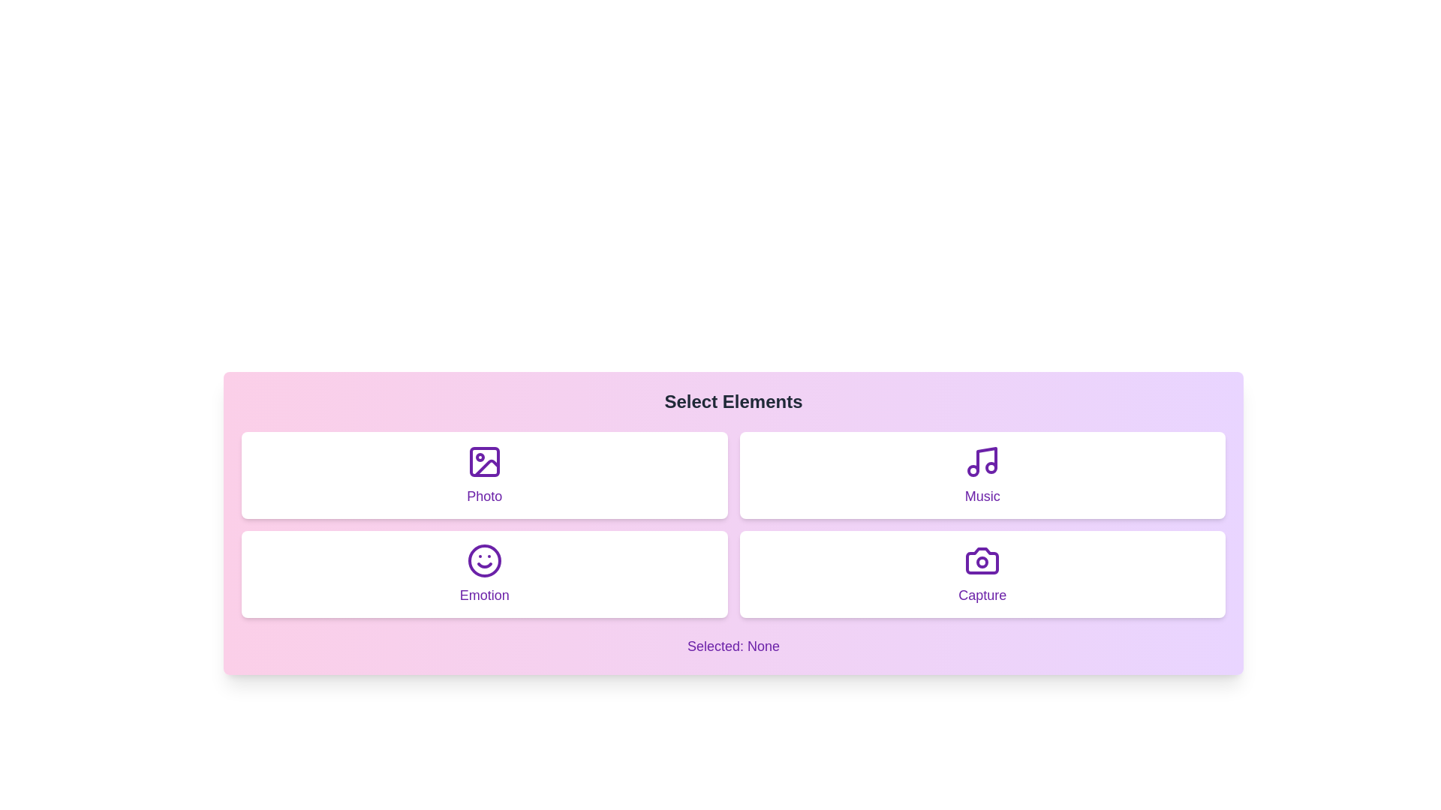  What do you see at coordinates (982, 574) in the screenshot?
I see `the element Capture by clicking on its corresponding button` at bounding box center [982, 574].